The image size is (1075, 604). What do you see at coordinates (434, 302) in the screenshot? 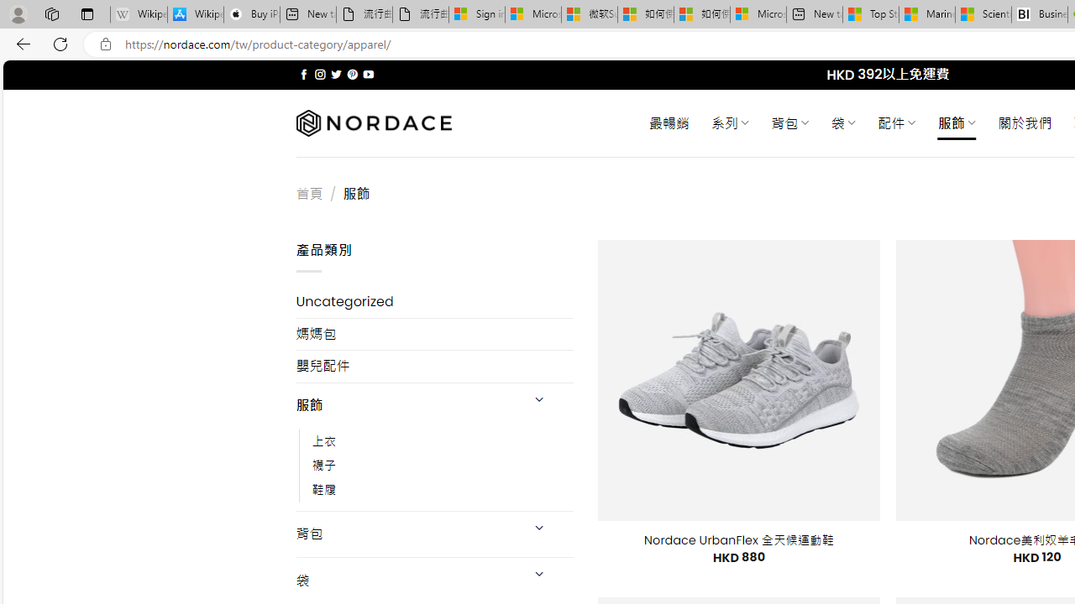
I see `'Uncategorized'` at bounding box center [434, 302].